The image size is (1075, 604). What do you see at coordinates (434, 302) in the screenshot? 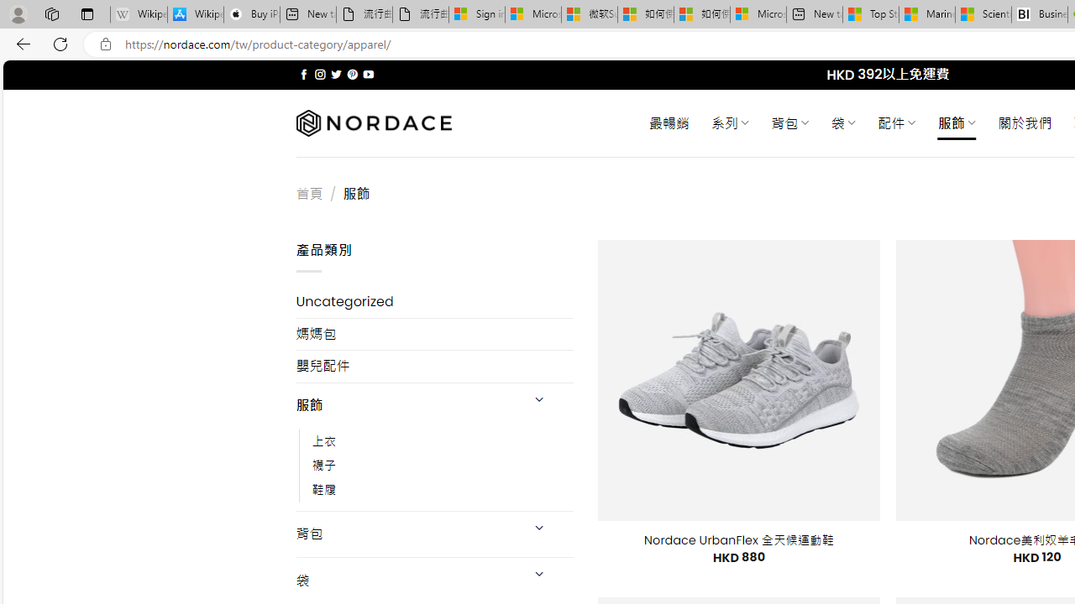
I see `'Uncategorized'` at bounding box center [434, 302].